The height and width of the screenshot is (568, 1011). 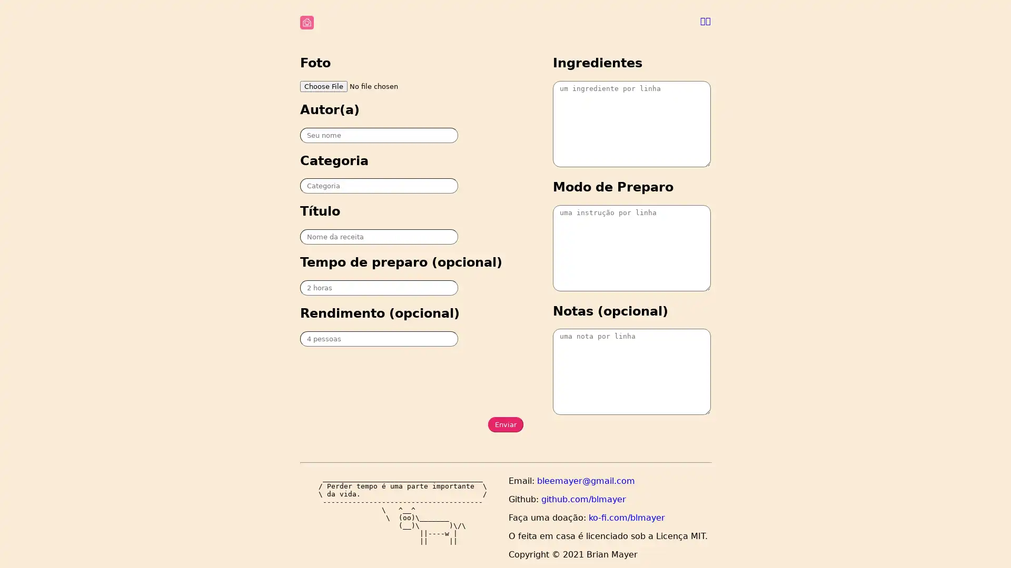 I want to click on Choose File, so click(x=323, y=85).